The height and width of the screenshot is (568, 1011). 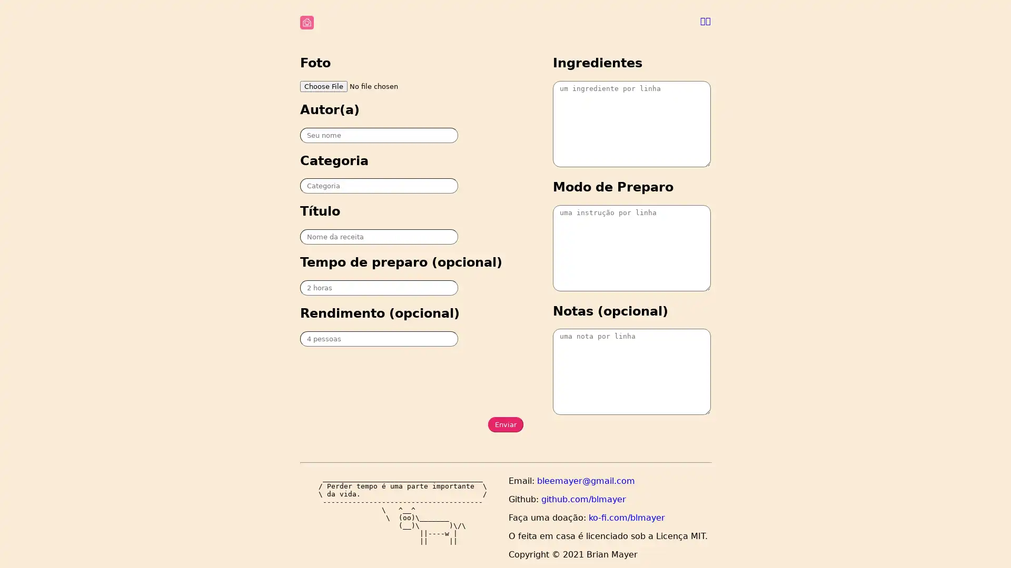 I want to click on Choose File, so click(x=323, y=85).